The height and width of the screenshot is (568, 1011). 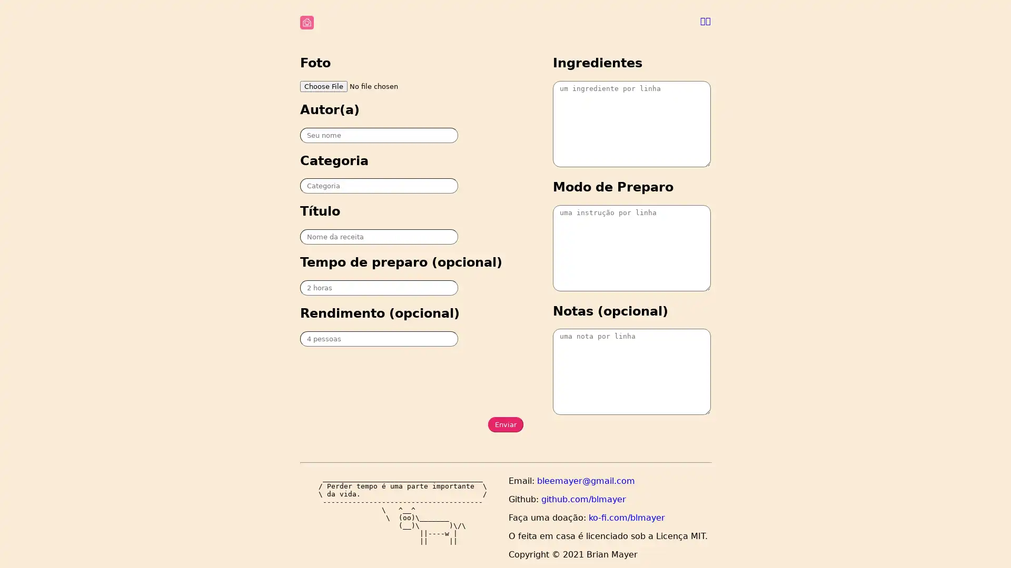 I want to click on Choose File, so click(x=323, y=85).